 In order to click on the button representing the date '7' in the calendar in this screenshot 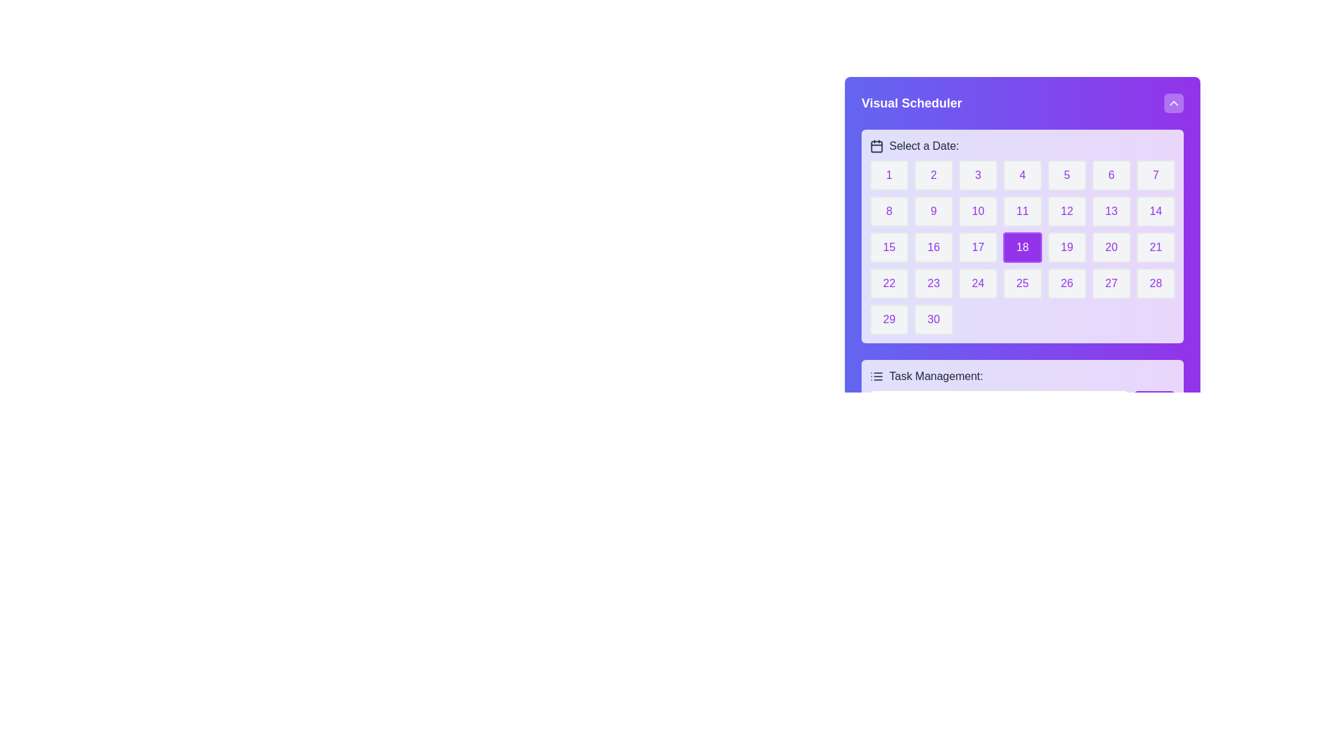, I will do `click(1156, 175)`.